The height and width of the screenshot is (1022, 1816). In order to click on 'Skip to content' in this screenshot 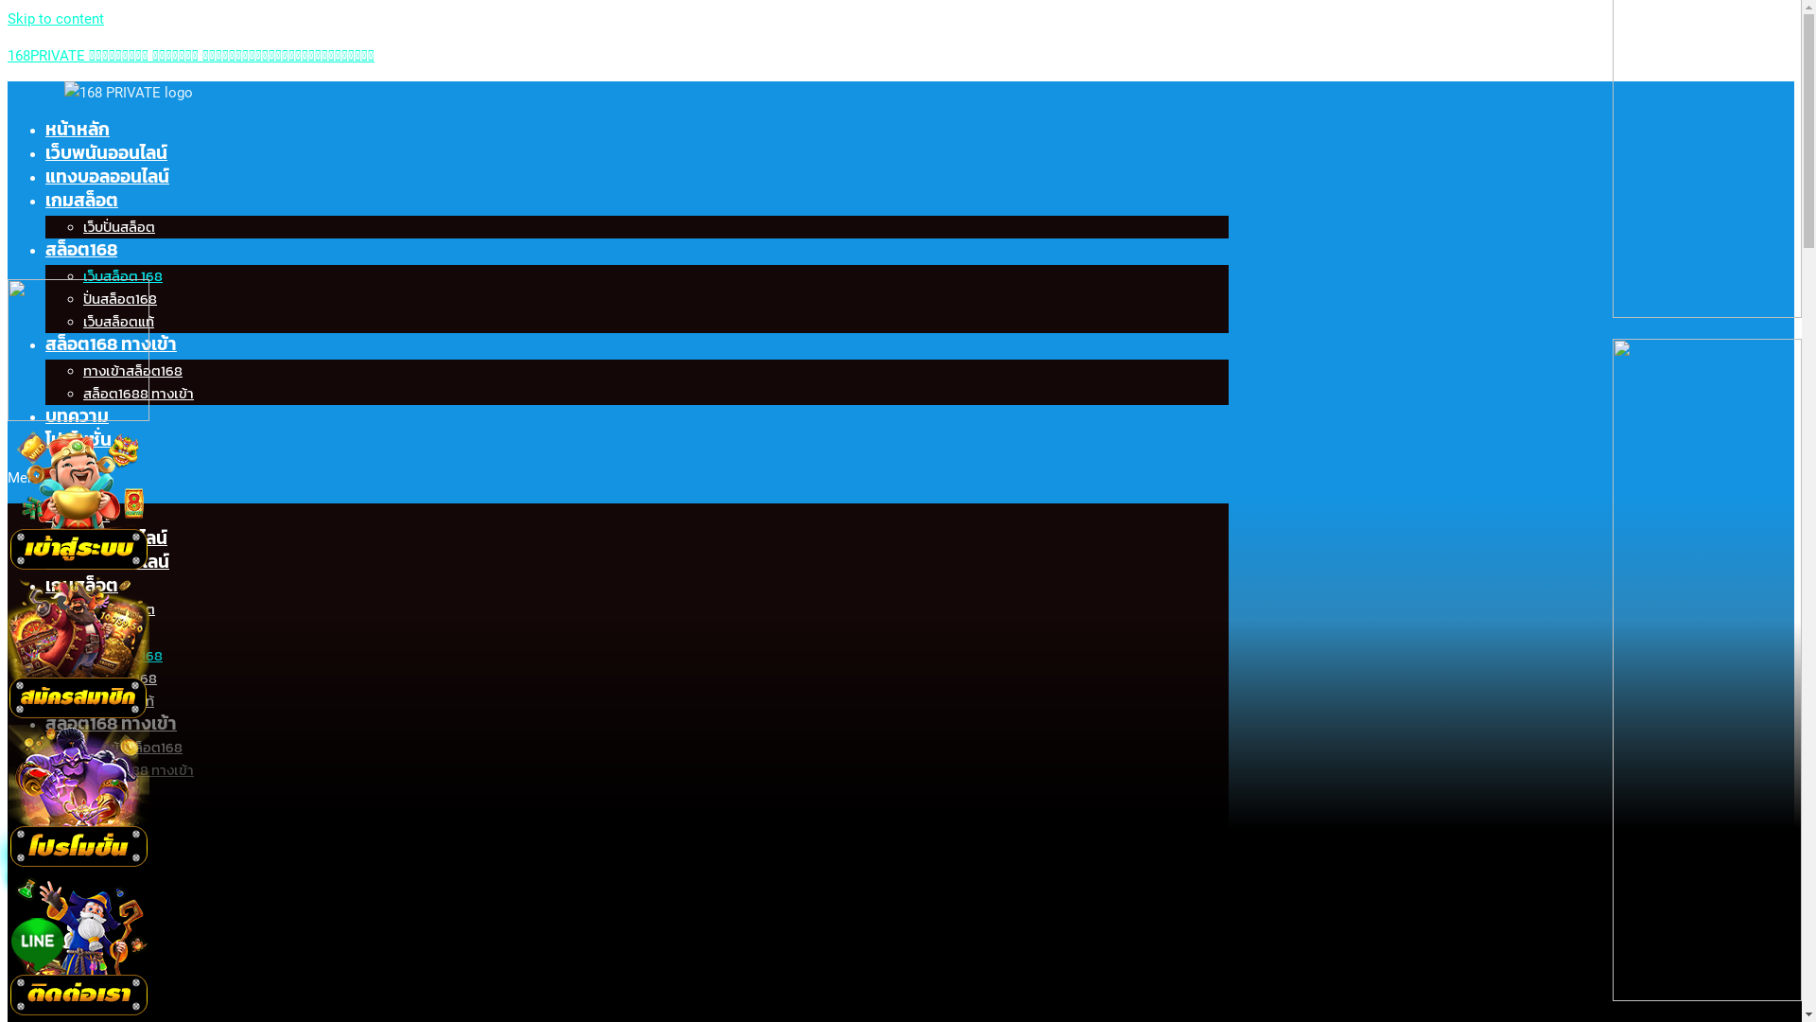, I will do `click(55, 18)`.